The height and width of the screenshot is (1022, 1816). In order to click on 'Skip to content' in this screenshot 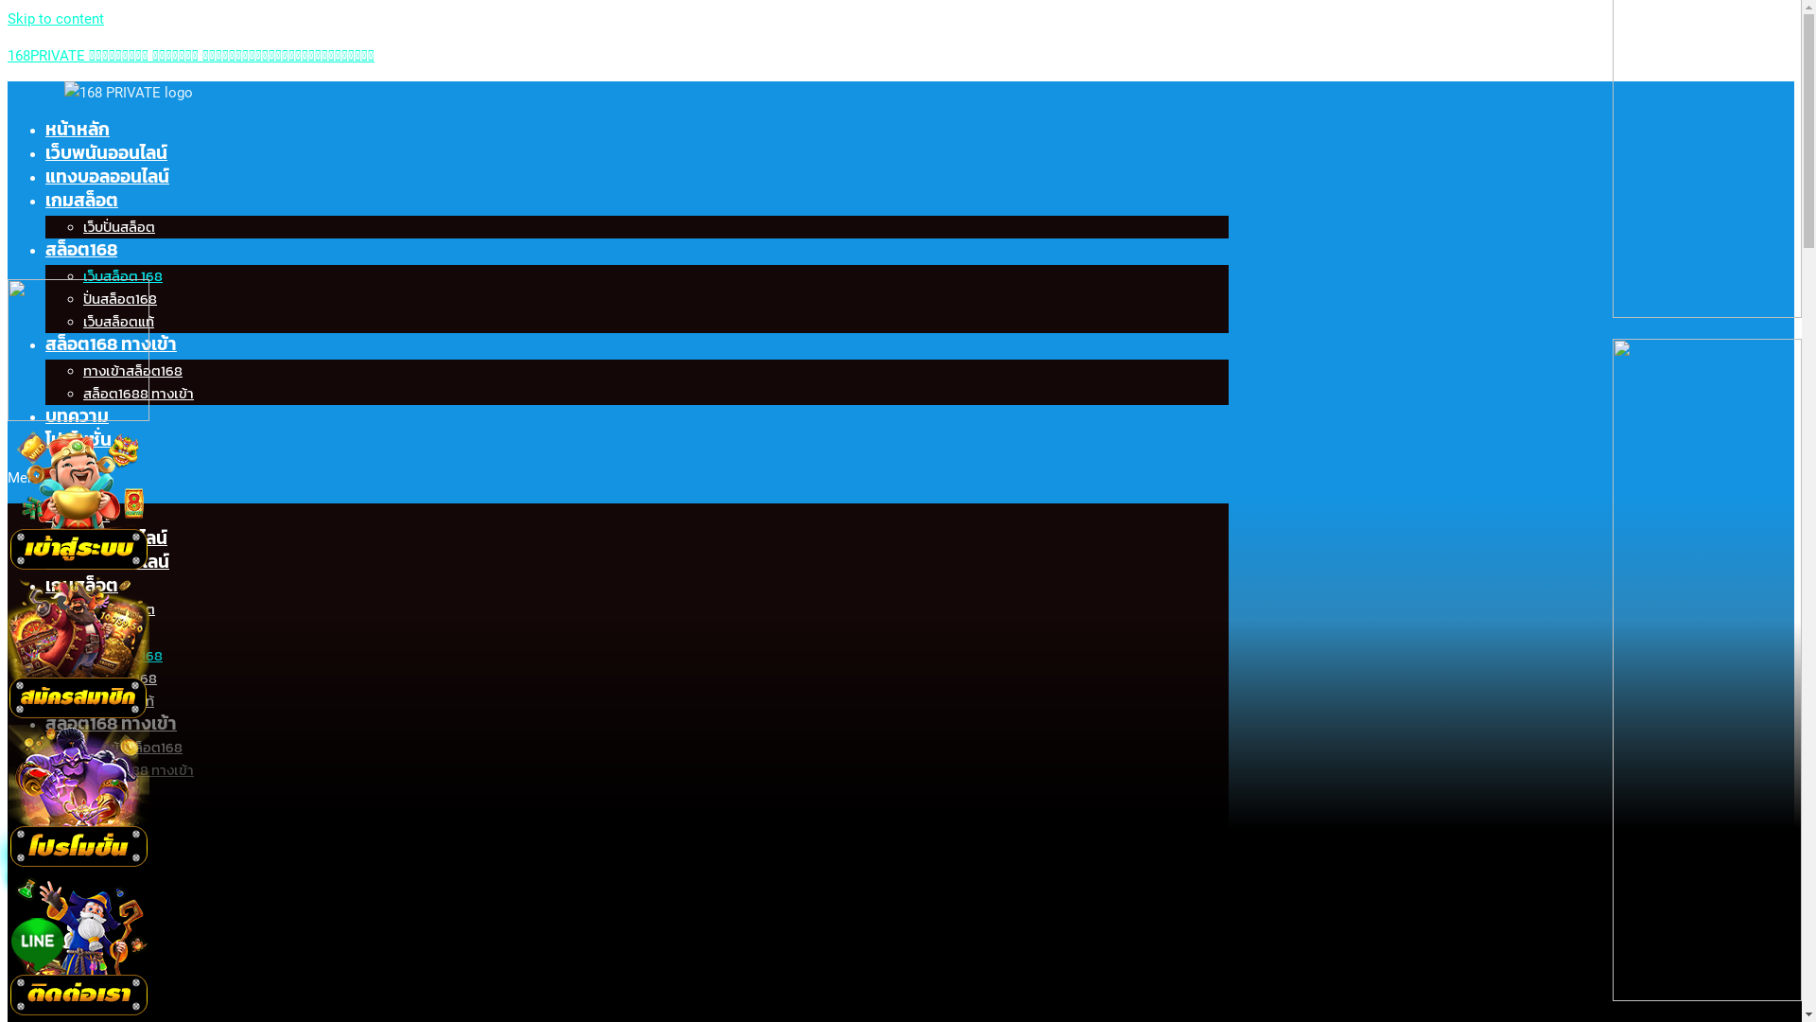, I will do `click(55, 18)`.